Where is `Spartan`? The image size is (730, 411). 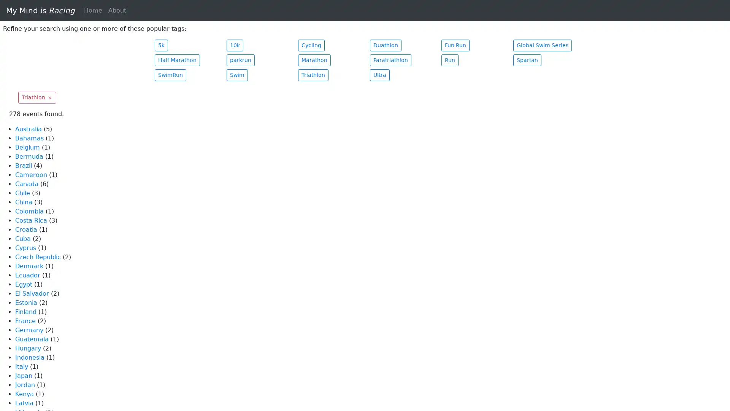 Spartan is located at coordinates (527, 60).